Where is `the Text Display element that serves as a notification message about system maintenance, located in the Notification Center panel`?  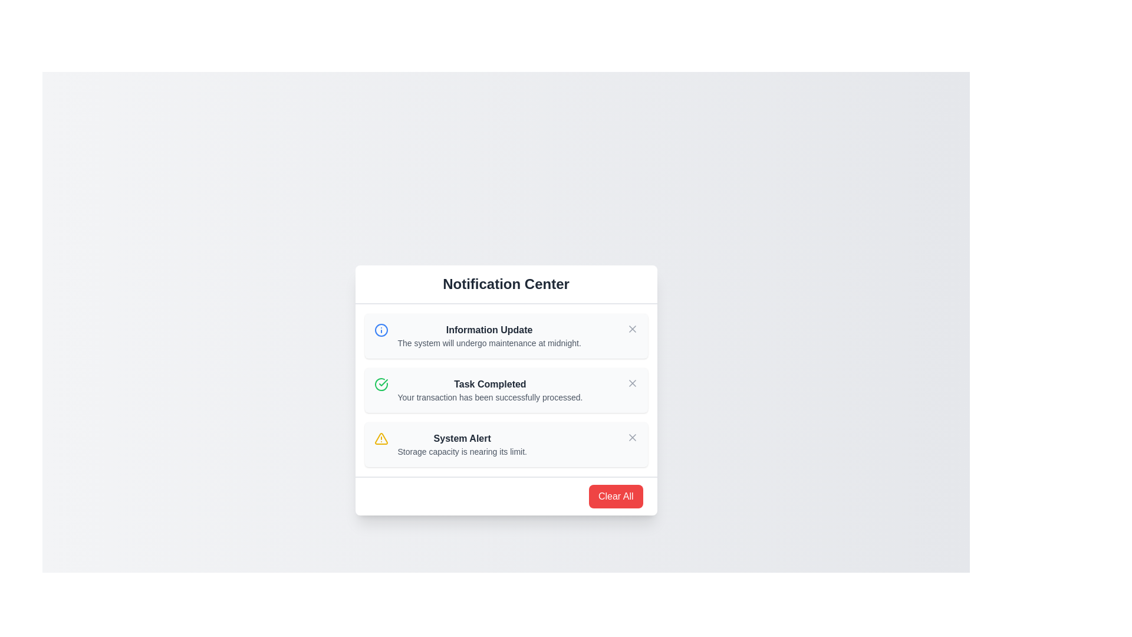 the Text Display element that serves as a notification message about system maintenance, located in the Notification Center panel is located at coordinates (489, 336).